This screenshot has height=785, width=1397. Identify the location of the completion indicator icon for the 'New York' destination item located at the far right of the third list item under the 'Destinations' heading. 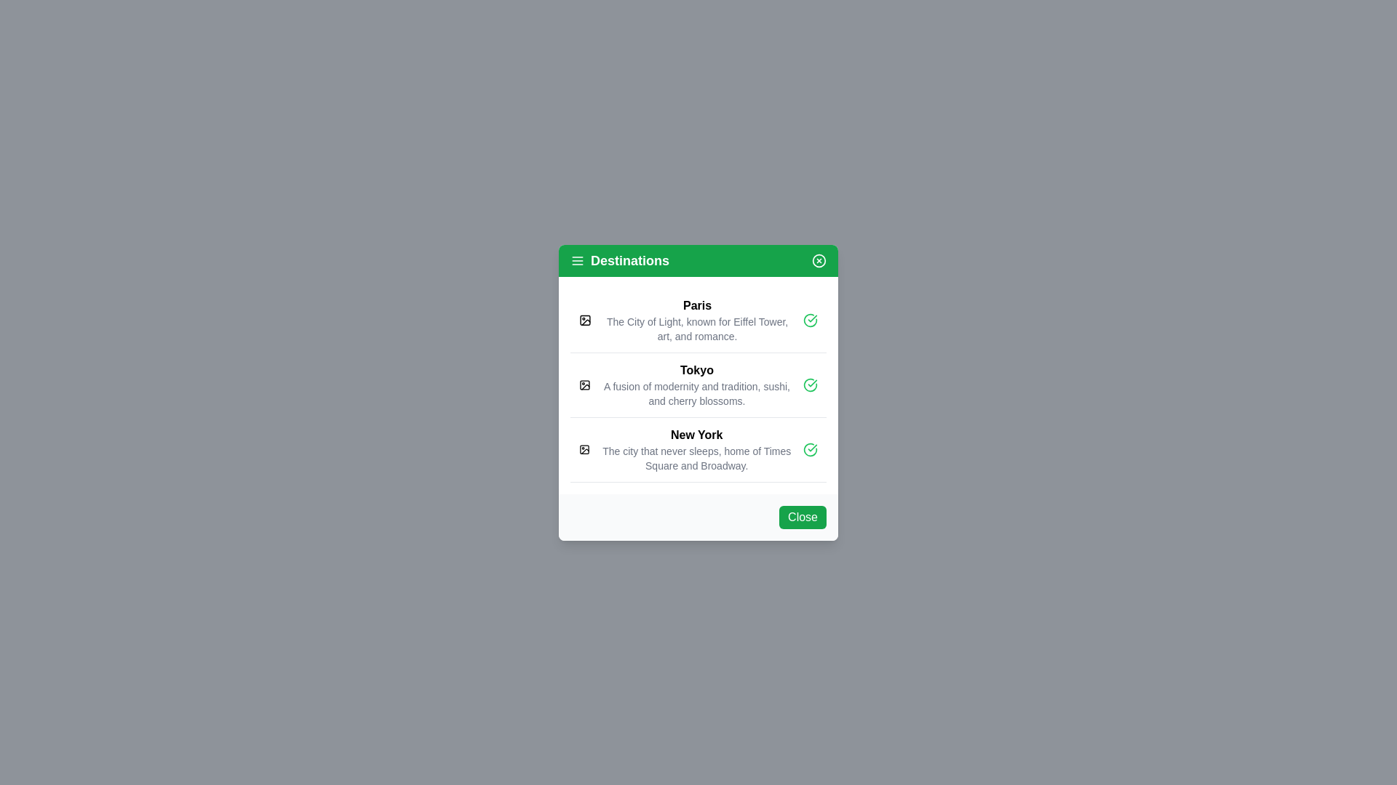
(809, 448).